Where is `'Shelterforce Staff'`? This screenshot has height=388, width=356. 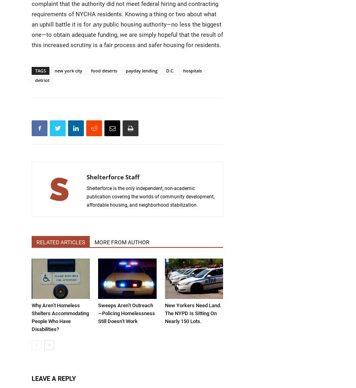 'Shelterforce Staff' is located at coordinates (113, 177).